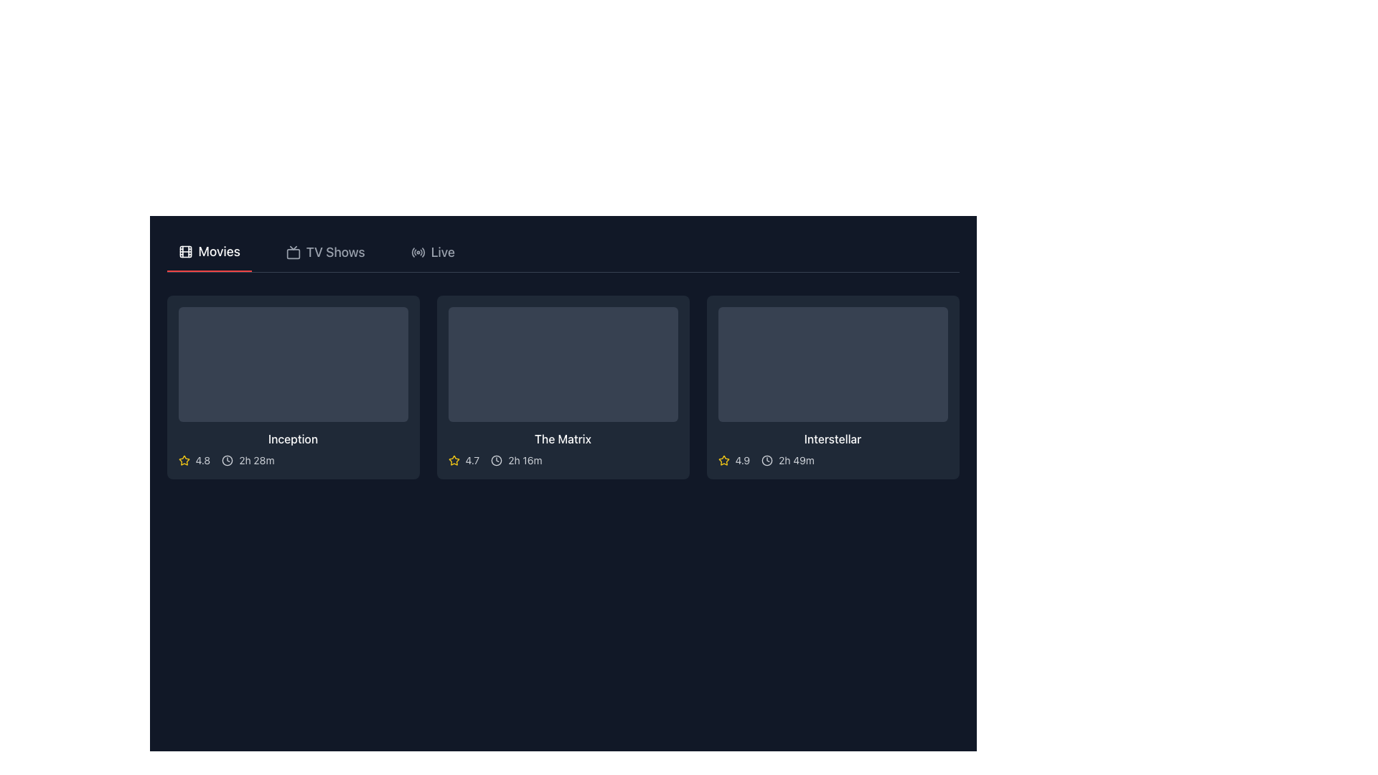  Describe the element at coordinates (184, 251) in the screenshot. I see `the film reel icon associated with the 'Movies' label in the top-left navigation bar for navigation` at that location.